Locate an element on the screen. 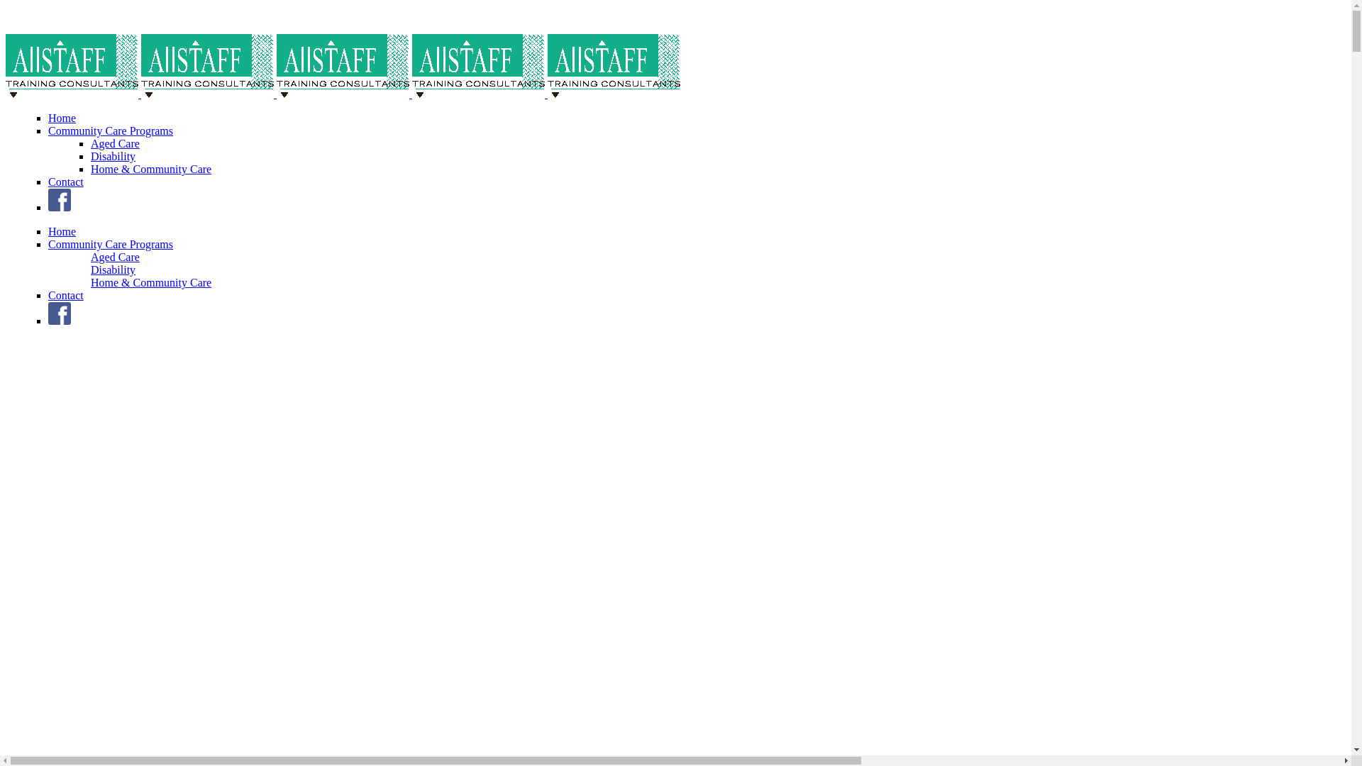 This screenshot has height=766, width=1362. 'Disability' is located at coordinates (112, 270).